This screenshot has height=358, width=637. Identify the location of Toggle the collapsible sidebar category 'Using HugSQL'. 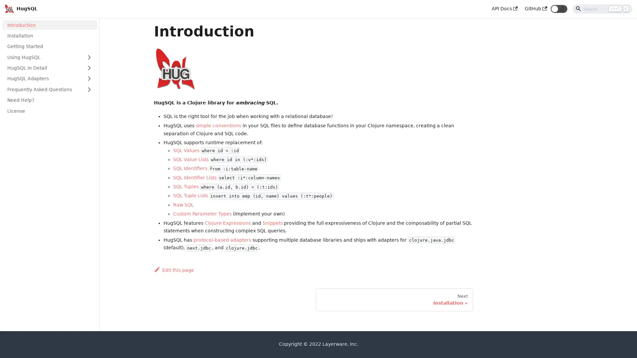
(89, 57).